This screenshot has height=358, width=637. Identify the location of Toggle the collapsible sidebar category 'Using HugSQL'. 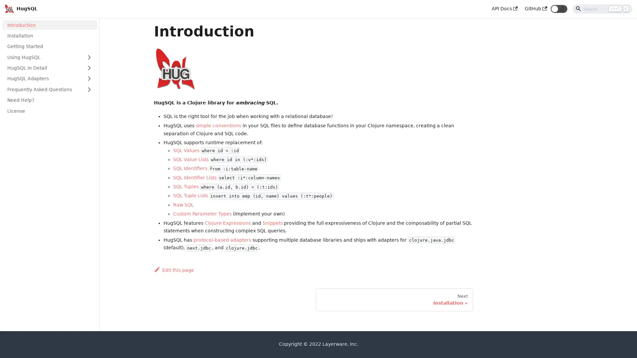
(89, 57).